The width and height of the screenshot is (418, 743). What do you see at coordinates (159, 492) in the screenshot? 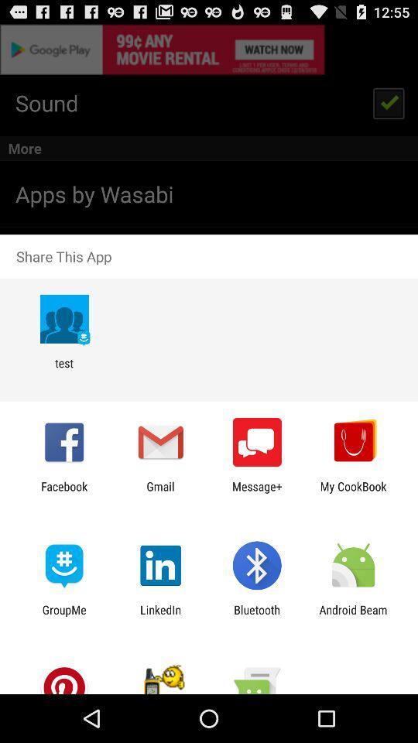
I see `app to the right of facebook app` at bounding box center [159, 492].